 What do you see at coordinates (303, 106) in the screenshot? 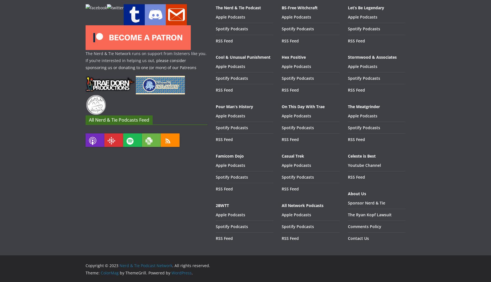
I see `'On This Day With Trae'` at bounding box center [303, 106].